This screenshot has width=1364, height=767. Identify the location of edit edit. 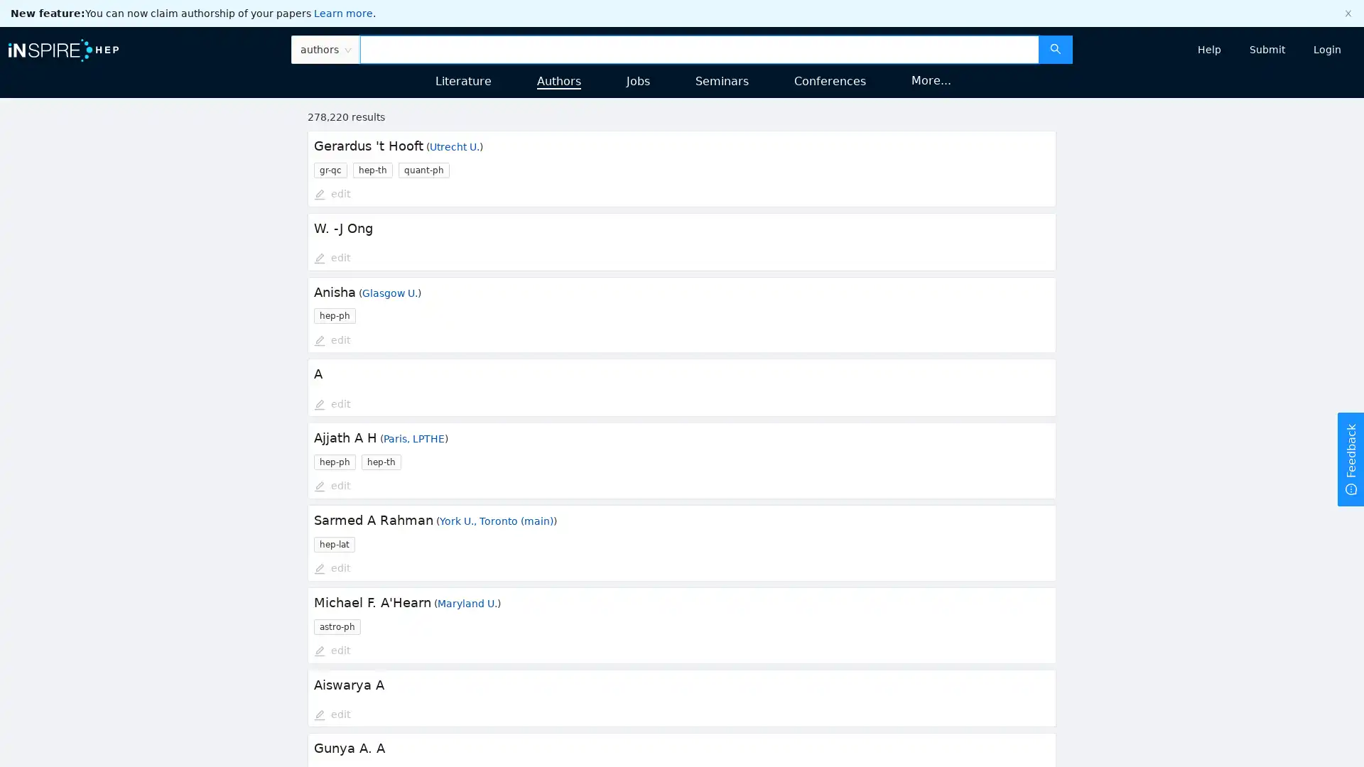
(331, 195).